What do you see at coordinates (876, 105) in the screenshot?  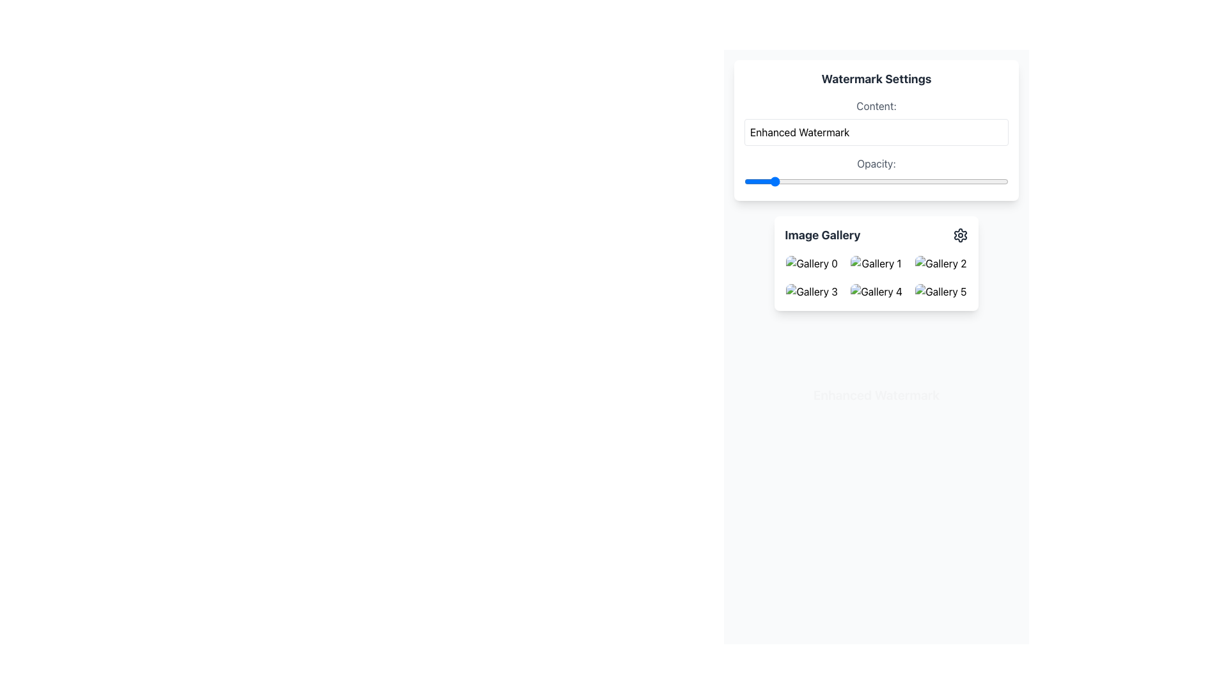 I see `the text label that reads 'Content:' styled in gray, located in the 'Watermark Settings' section above the 'Enhanced Watermark' text input field` at bounding box center [876, 105].